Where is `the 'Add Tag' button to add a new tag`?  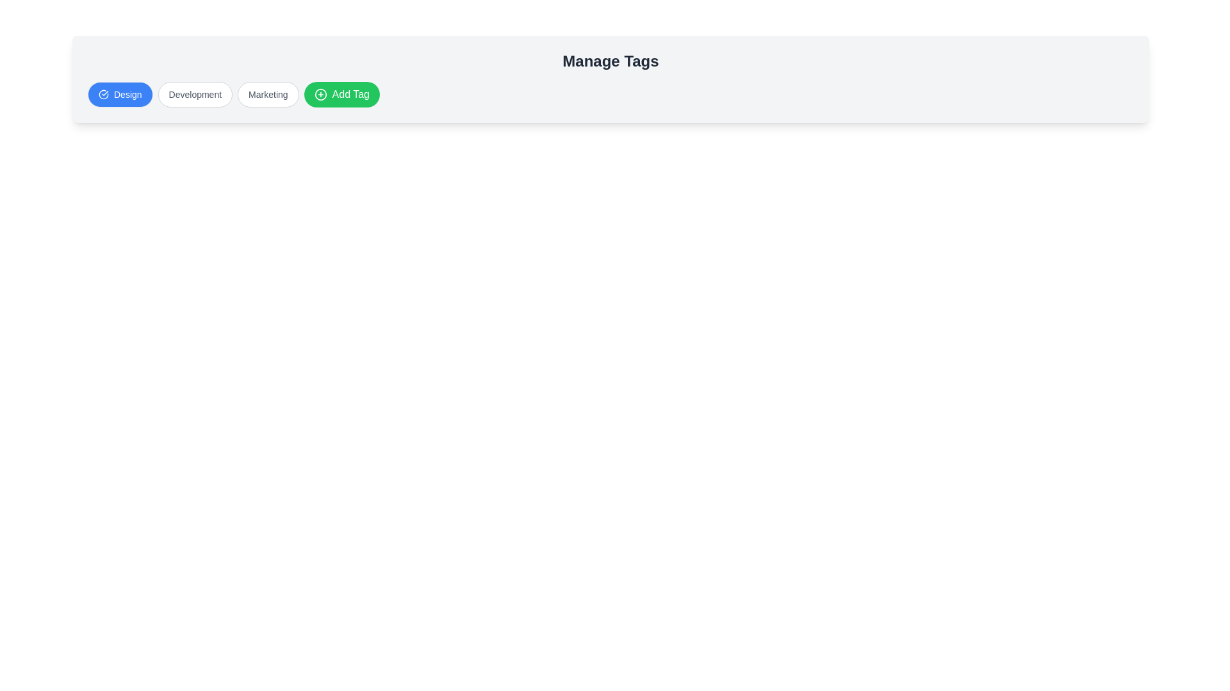
the 'Add Tag' button to add a new tag is located at coordinates (341, 93).